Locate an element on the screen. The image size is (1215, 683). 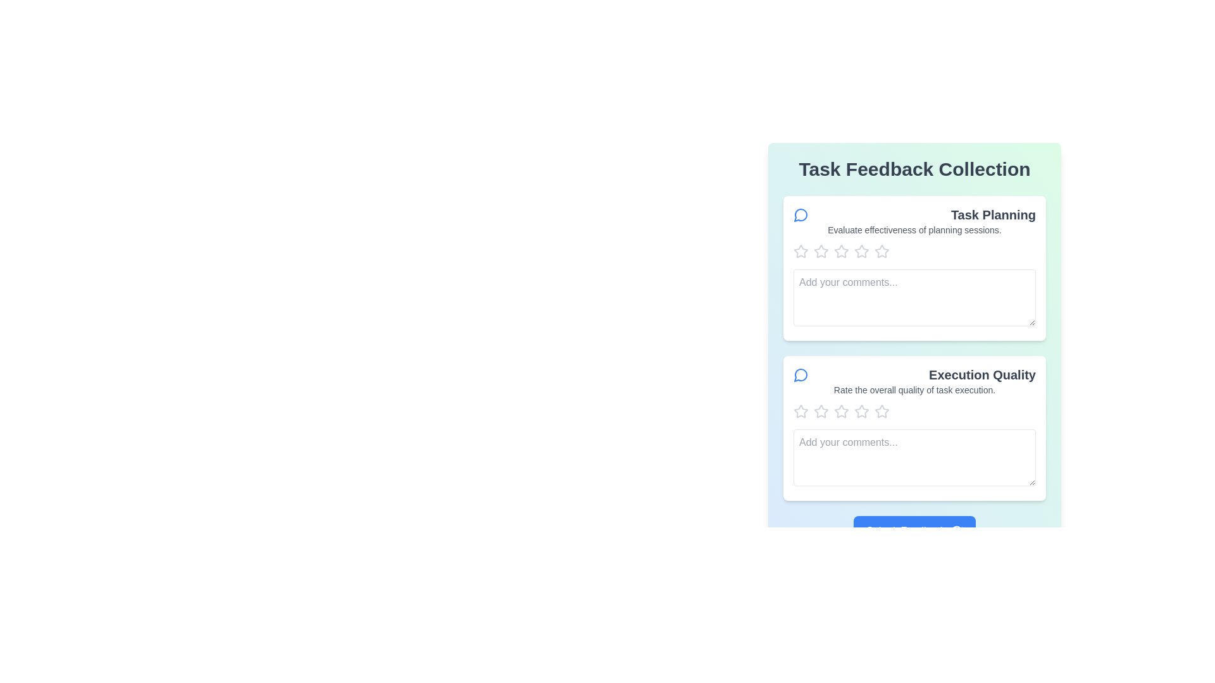
the speech bubble icon located on the left side of the 'Execution Quality' title, which is part of the 'Task Feedback Collection' section is located at coordinates (801, 374).